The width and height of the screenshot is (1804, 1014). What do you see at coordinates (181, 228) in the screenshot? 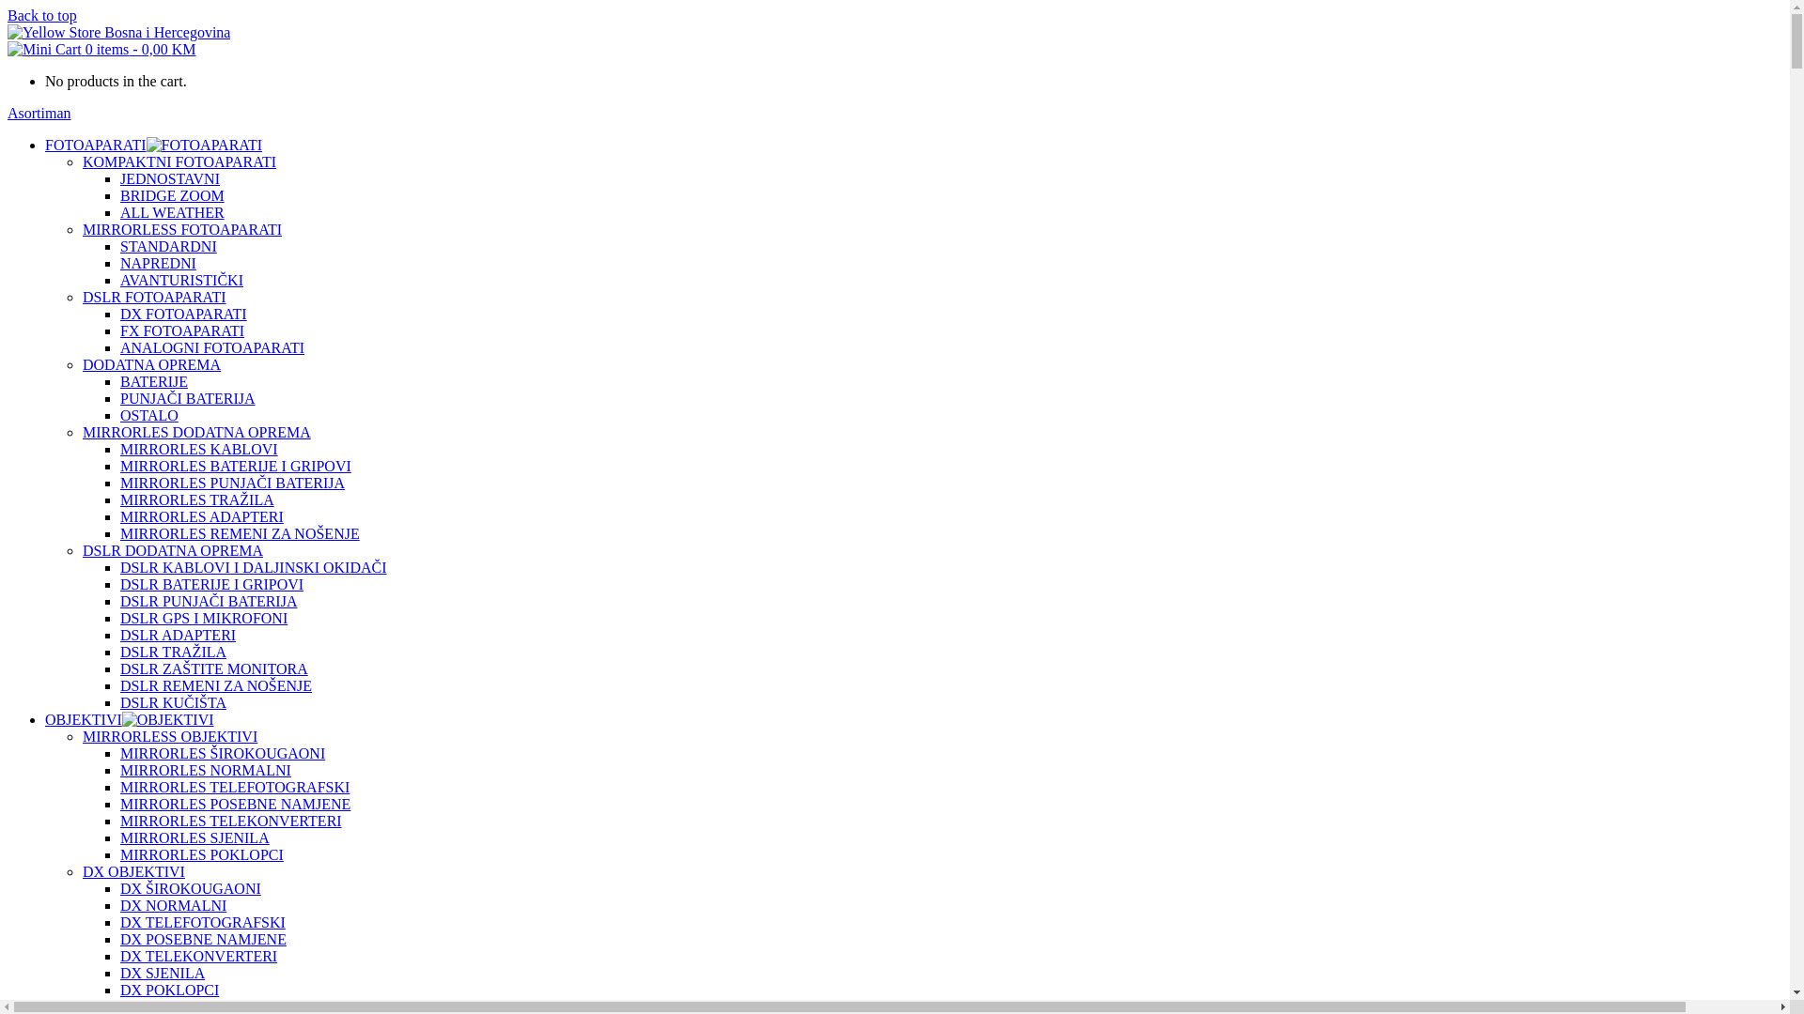
I see `'MIRRORLESS FOTOAPARATI'` at bounding box center [181, 228].